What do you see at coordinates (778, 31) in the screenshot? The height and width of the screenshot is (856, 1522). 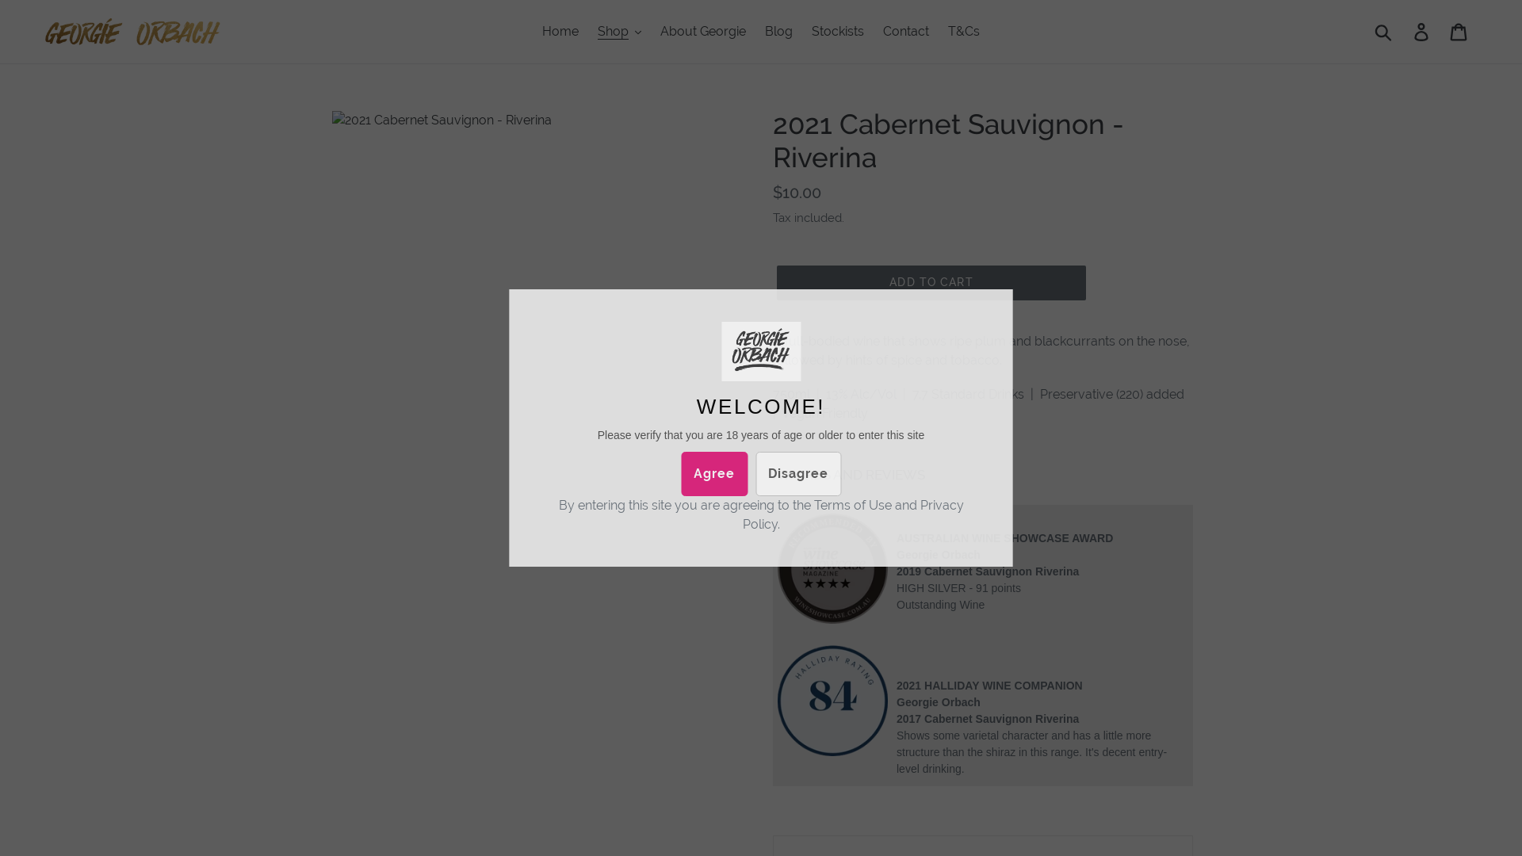 I see `'Blog'` at bounding box center [778, 31].